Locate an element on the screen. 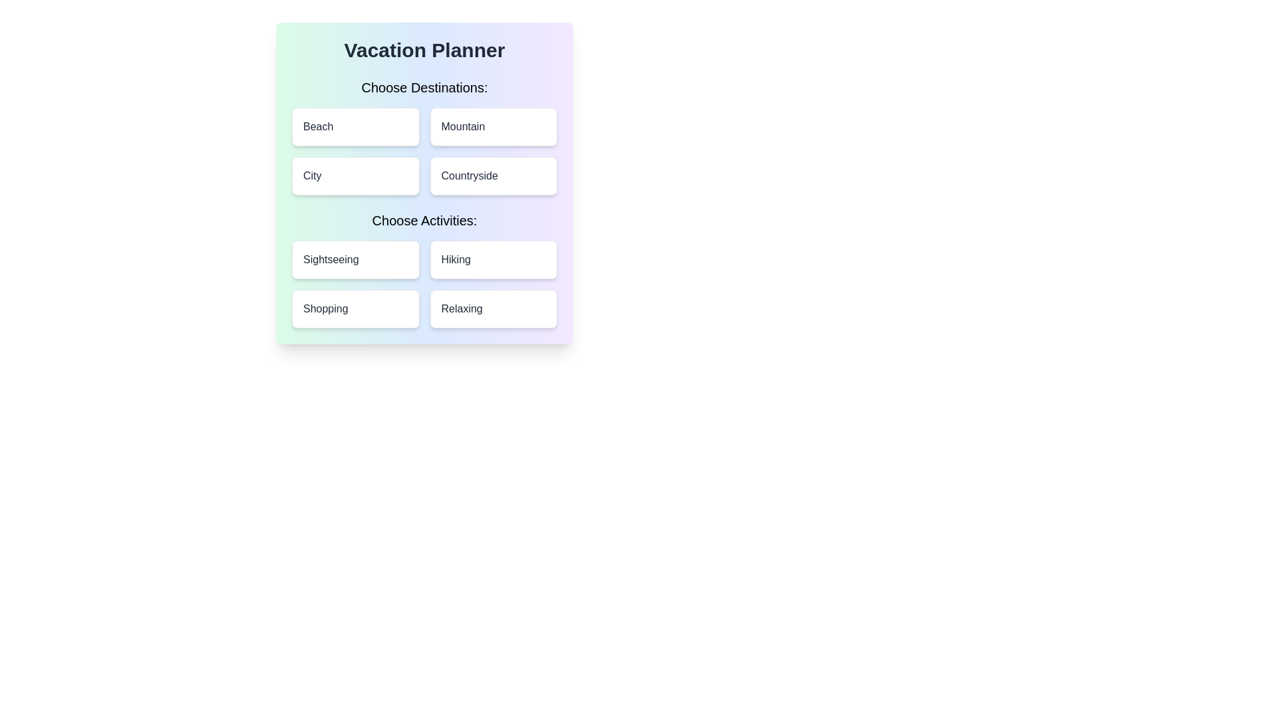 This screenshot has height=718, width=1277. the text label displaying 'Shopping' in bold black font, located in the lower-left quadrant of the 'Choose Activities' section, aligned to the left of 'Relaxing' is located at coordinates (325, 309).